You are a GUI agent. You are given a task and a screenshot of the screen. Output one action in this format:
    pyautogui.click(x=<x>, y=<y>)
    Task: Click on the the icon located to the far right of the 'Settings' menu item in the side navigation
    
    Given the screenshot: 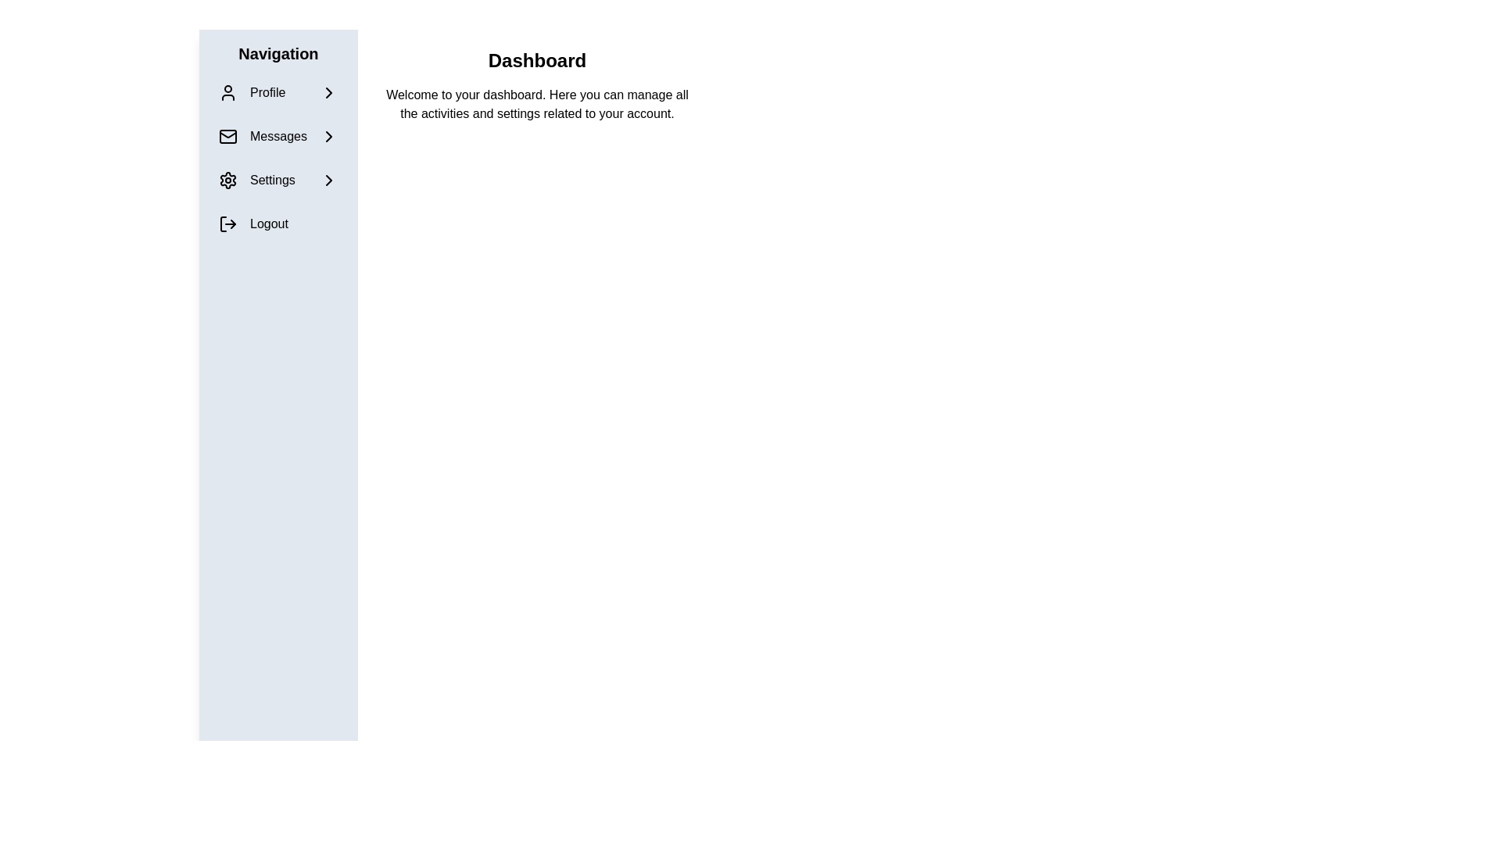 What is the action you would take?
    pyautogui.click(x=328, y=180)
    